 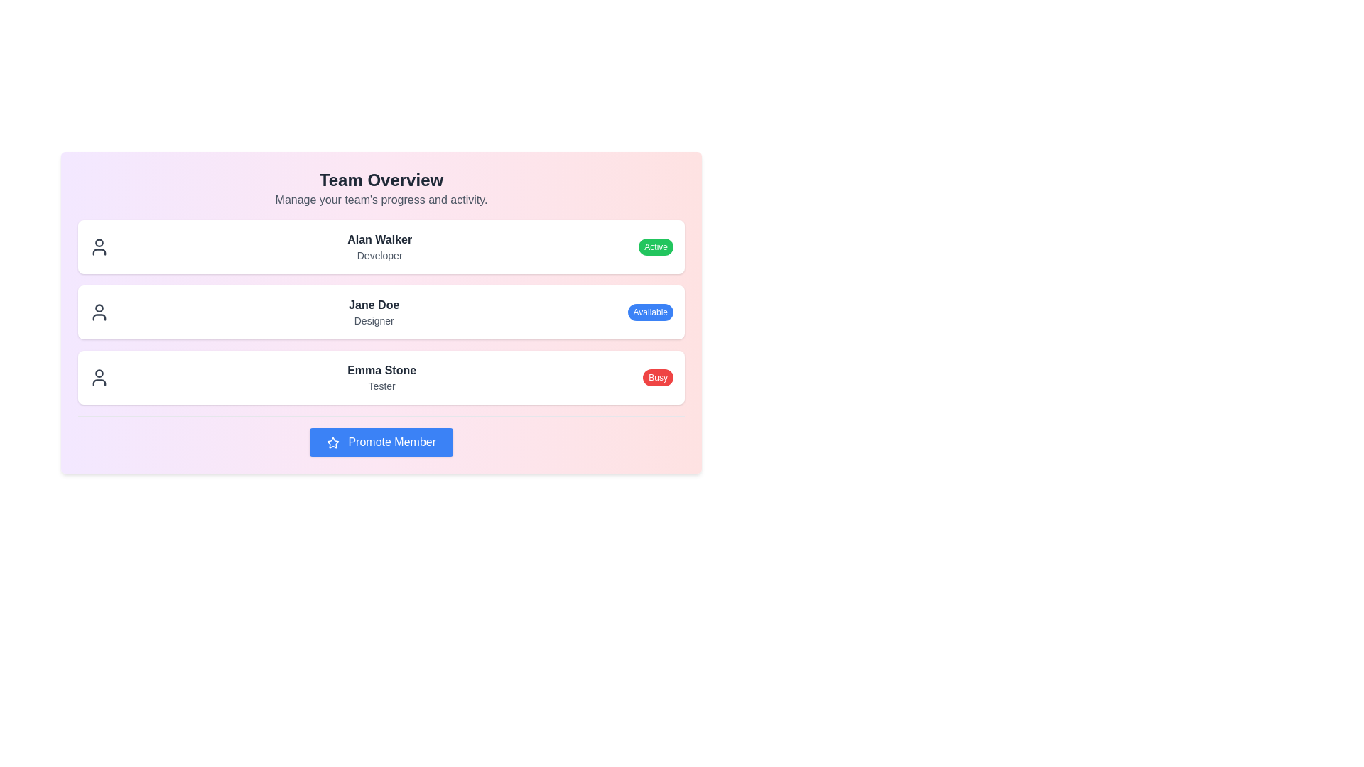 I want to click on on the label displaying 'Jane Doe' in the team overview interface, so click(x=374, y=304).